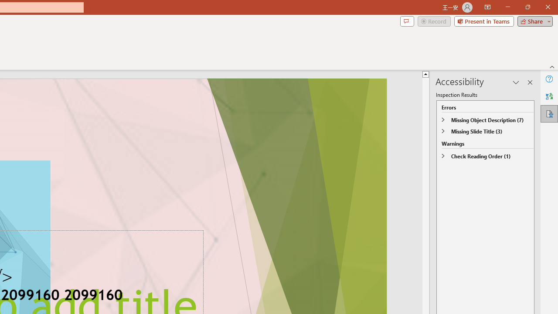  What do you see at coordinates (487, 7) in the screenshot?
I see `'Ribbon Display Options'` at bounding box center [487, 7].